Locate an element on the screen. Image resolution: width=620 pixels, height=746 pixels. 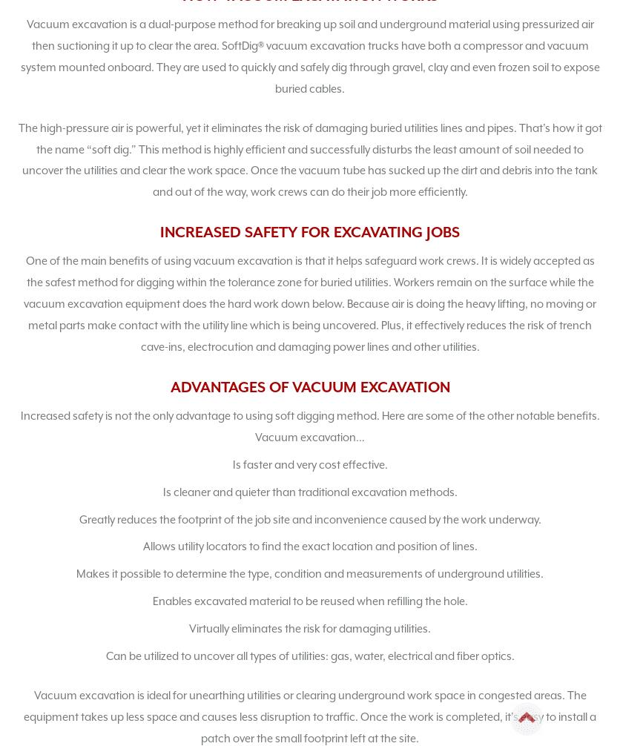
'Vacuum excavation is ideal for unearthing utilities or clearing underground work space in congested areas. The equipment takes up less space and causes less disruption to traffic. Once the work is completed, it’s easy to install a patch over the small footprint left at the site.' is located at coordinates (24, 715).